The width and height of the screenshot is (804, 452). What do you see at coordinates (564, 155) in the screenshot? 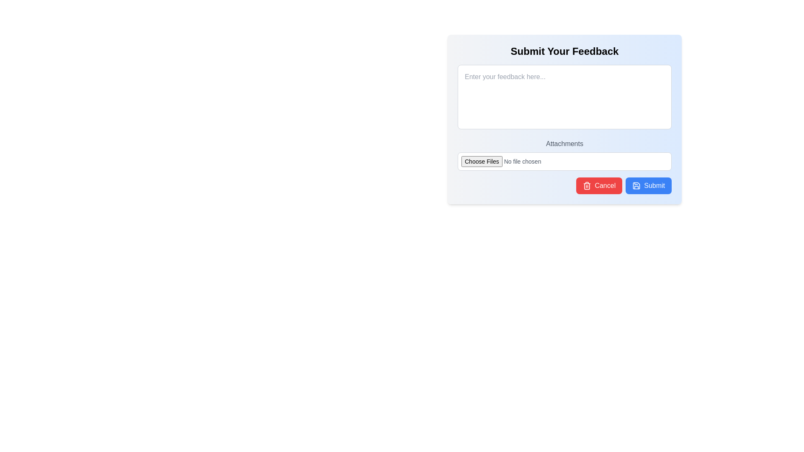
I see `the File Input Field located underneath the multi-line input box labeled 'Enter your feedback here...'` at bounding box center [564, 155].